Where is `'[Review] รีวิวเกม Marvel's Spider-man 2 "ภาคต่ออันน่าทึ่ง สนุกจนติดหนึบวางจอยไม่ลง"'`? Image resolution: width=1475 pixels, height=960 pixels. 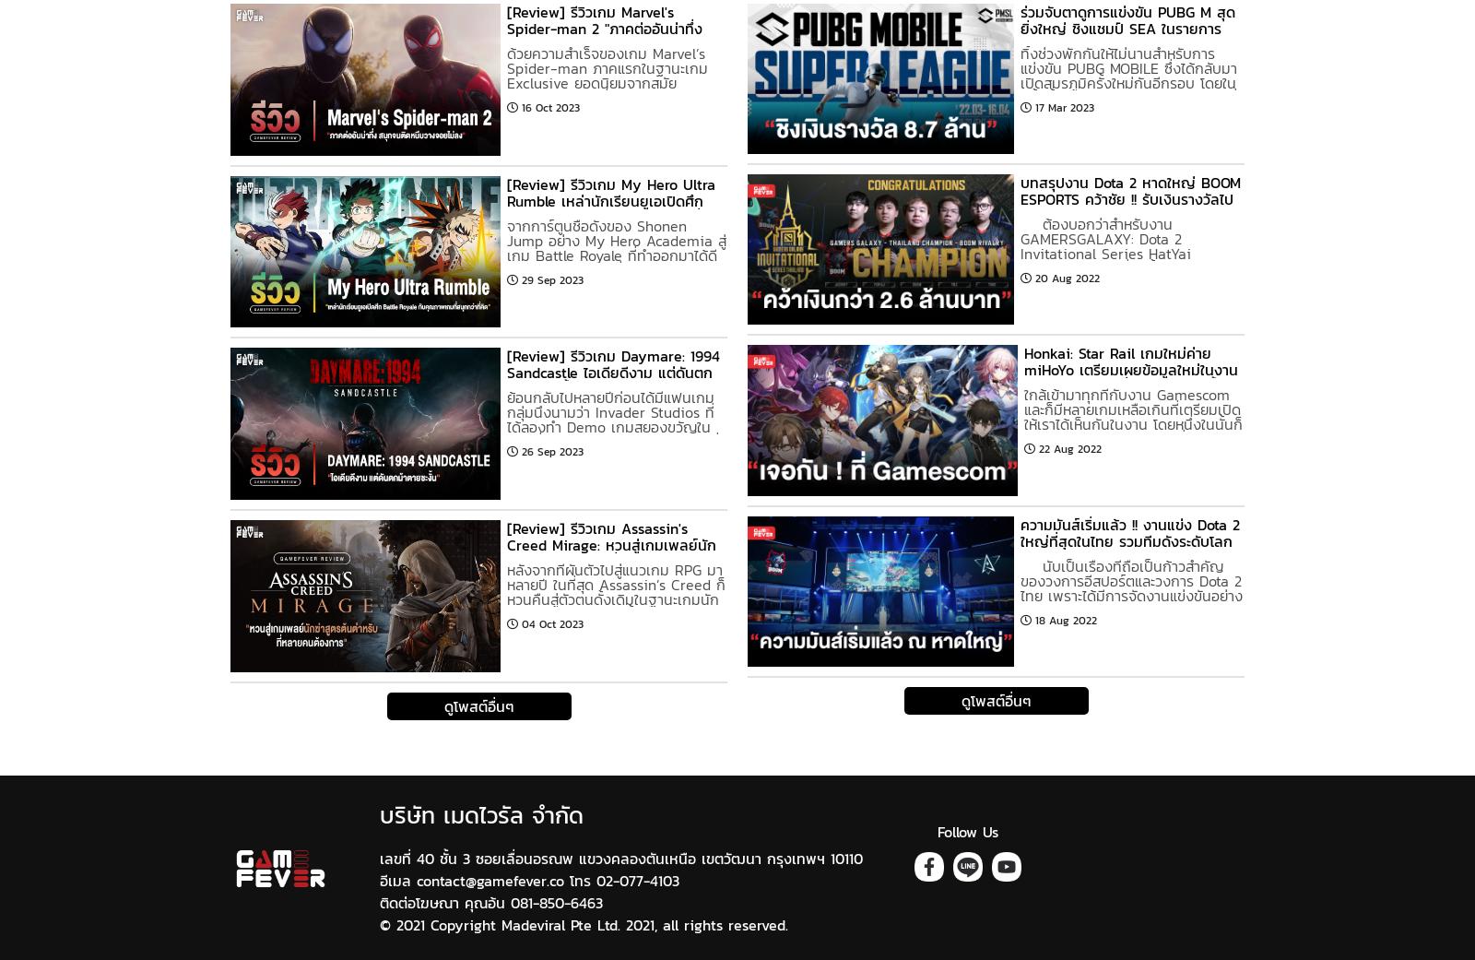
'[Review] รีวิวเกม Marvel's Spider-man 2 "ภาคต่ออันน่าทึ่ง สนุกจนติดหนึบวางจอยไม่ลง"' is located at coordinates (604, 28).